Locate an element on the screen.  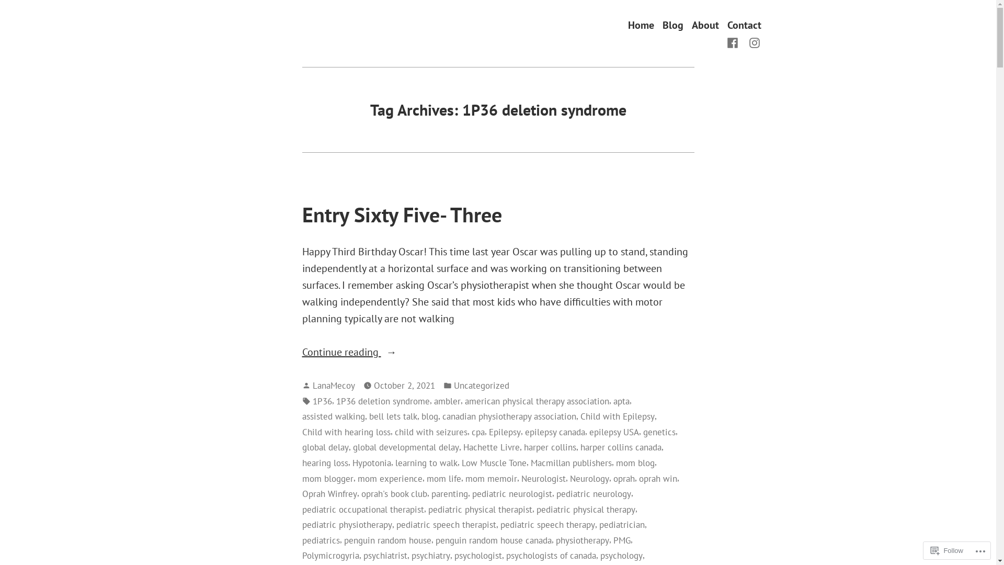
'child with seizures' is located at coordinates (430, 432).